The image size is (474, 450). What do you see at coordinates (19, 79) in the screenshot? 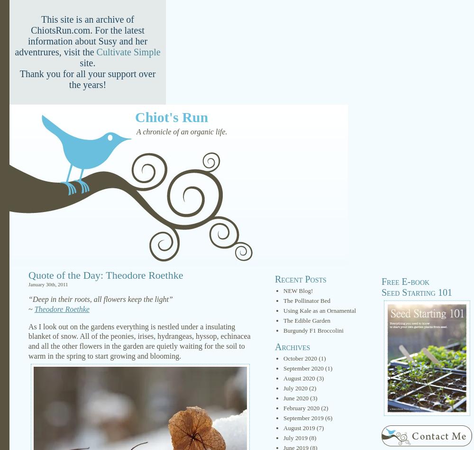
I see `'Thank you for all your support over the years!'` at bounding box center [19, 79].